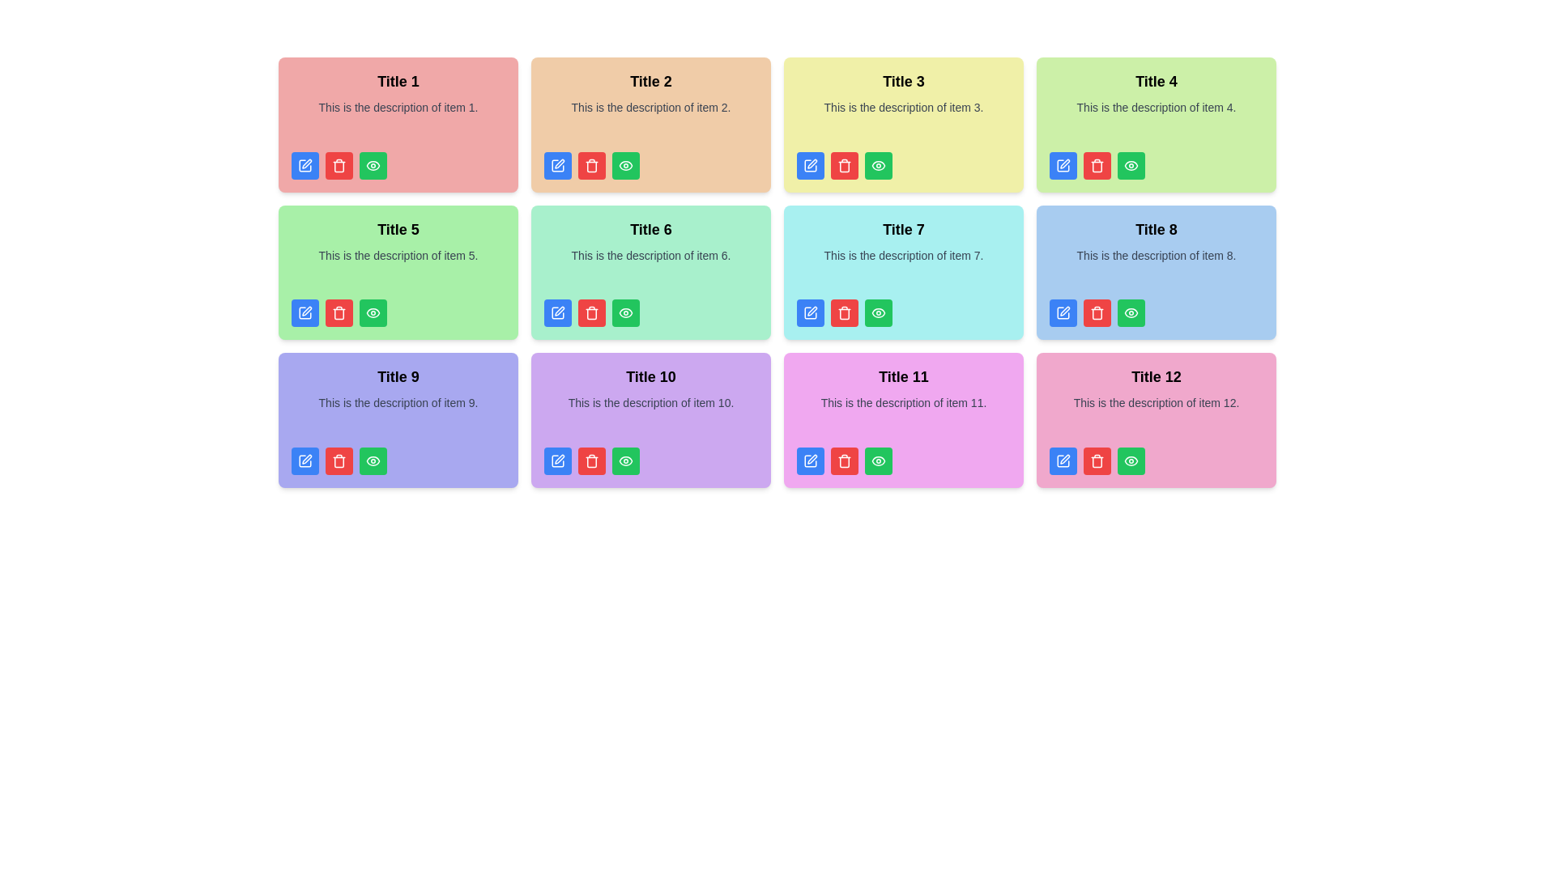 This screenshot has height=874, width=1555. Describe the element at coordinates (877, 312) in the screenshot. I see `the eye icon with a green background located as the third button in the action button group under the card labeled 'Title 7'` at that location.